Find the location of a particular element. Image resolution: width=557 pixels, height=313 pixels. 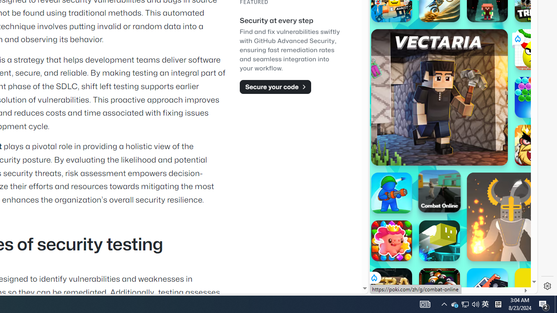

'Monster Tracks' is located at coordinates (487, 289).